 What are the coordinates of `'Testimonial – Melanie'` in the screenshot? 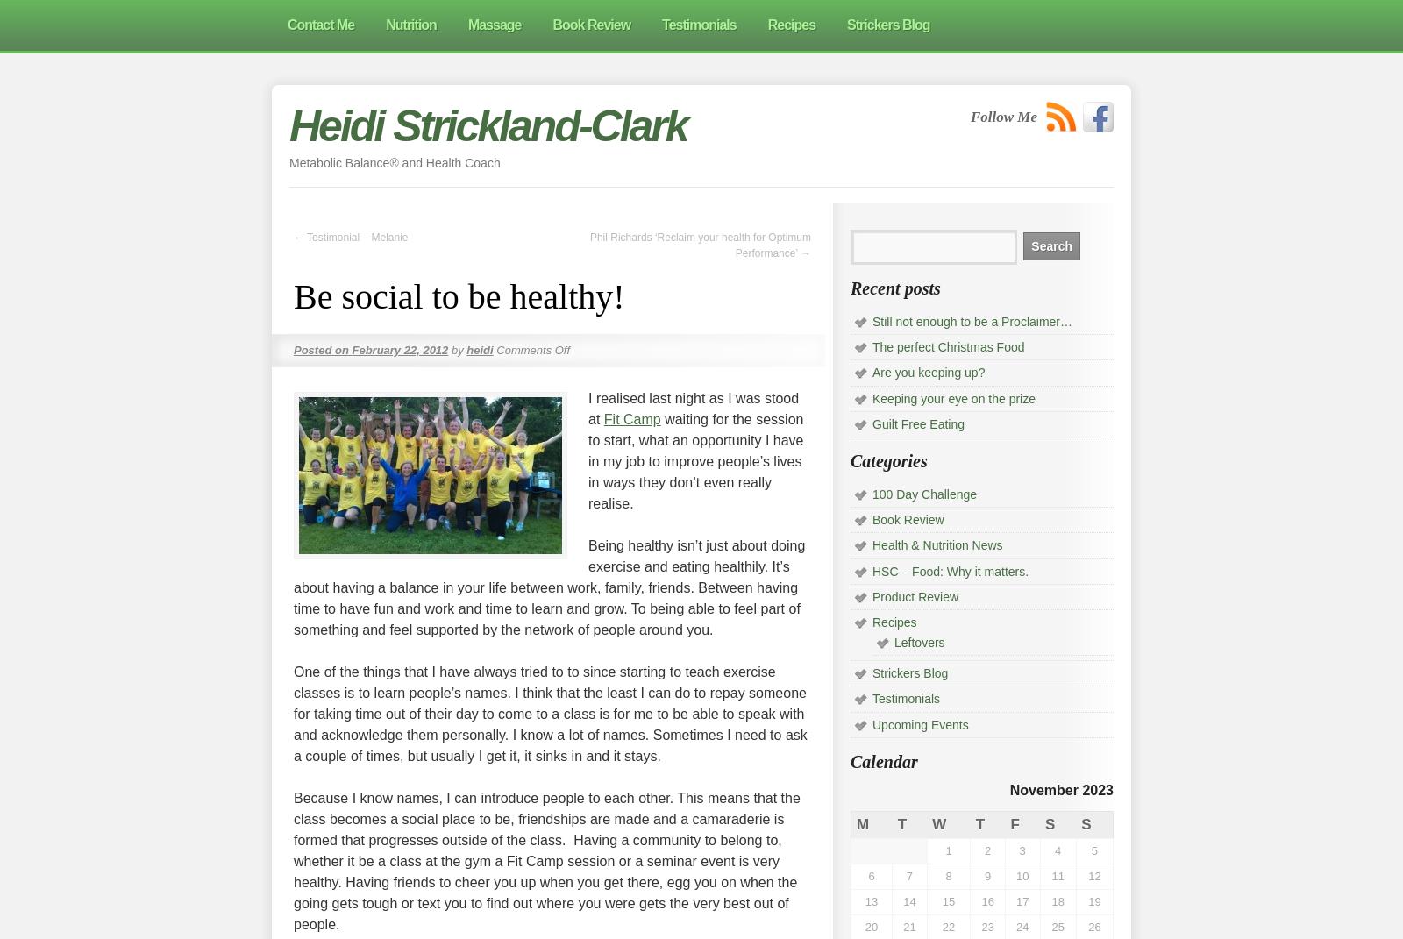 It's located at (355, 237).